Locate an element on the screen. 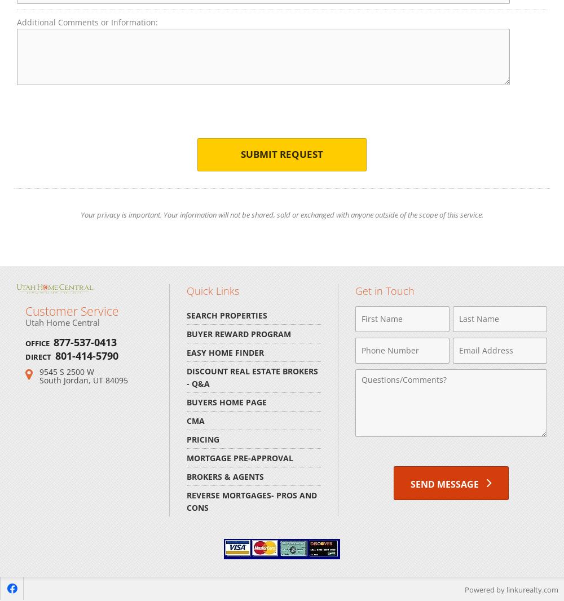 This screenshot has width=564, height=601. 'Discount Real Estate Brokers - Q&A' is located at coordinates (252, 376).